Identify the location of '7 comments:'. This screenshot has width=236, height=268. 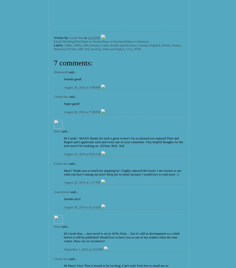
(73, 62).